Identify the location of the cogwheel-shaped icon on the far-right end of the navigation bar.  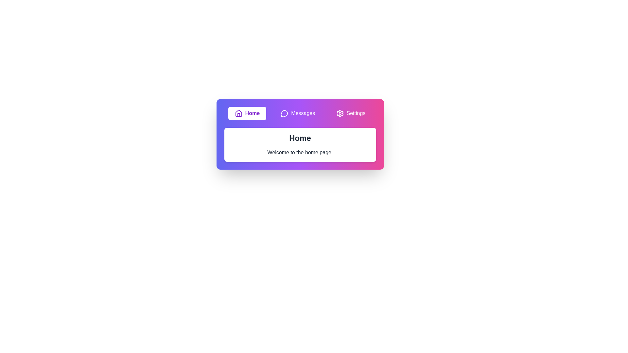
(340, 113).